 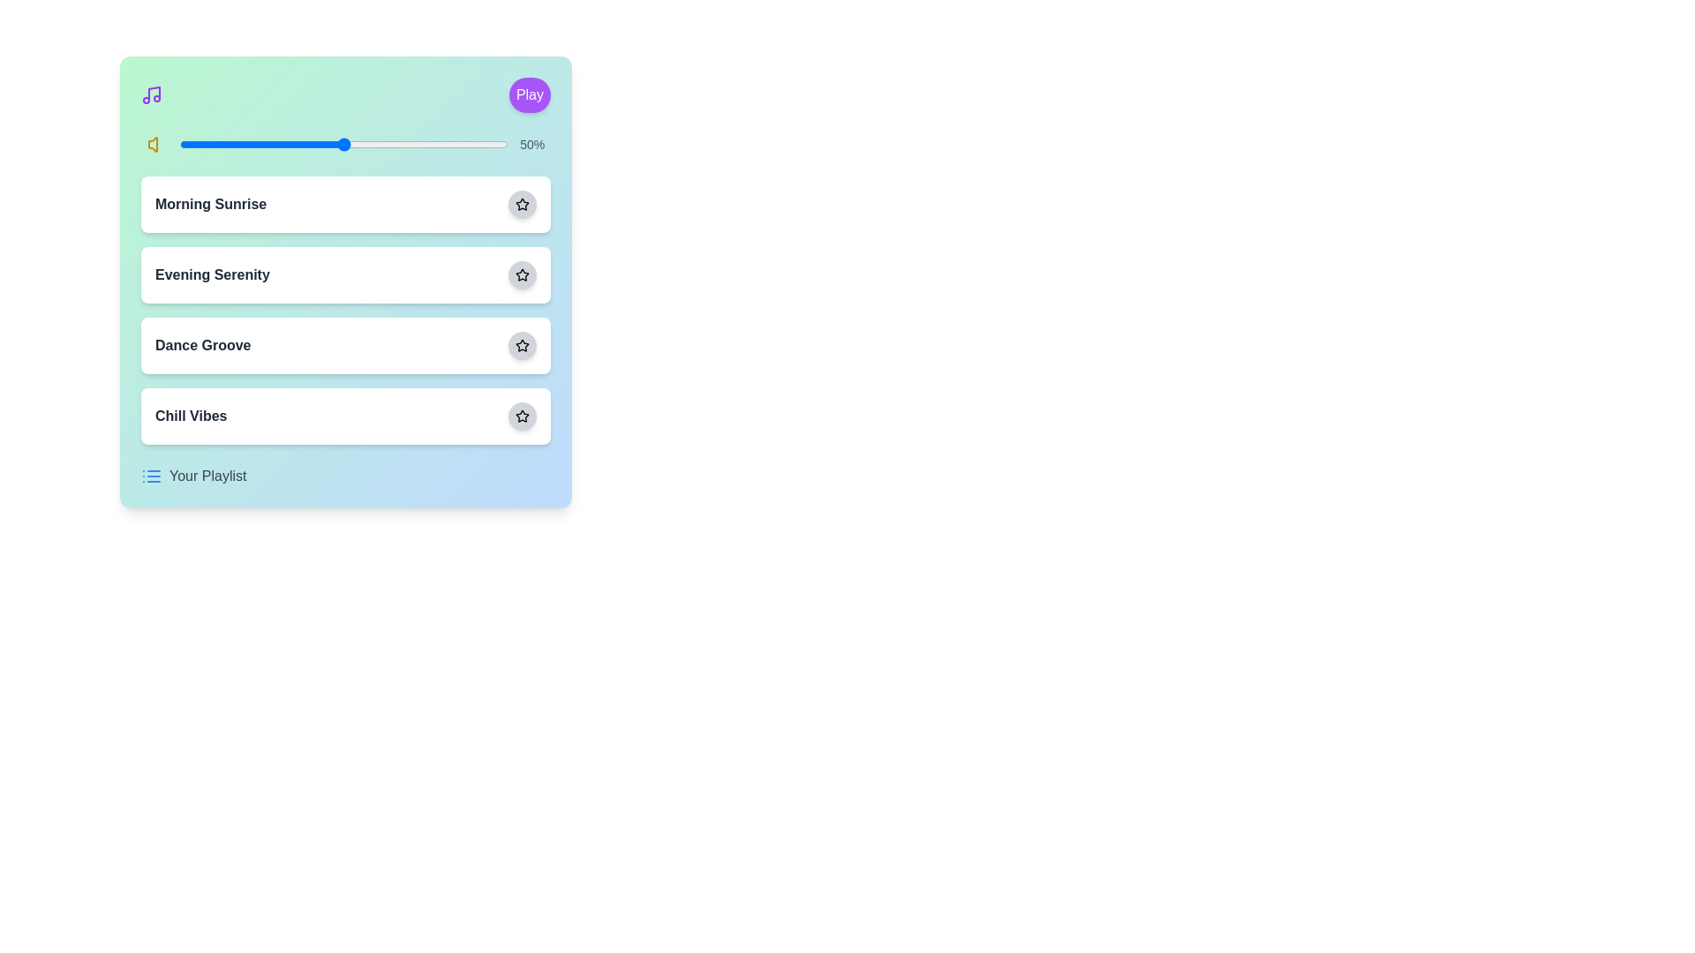 I want to click on the 'Evening Serenity' Content Card, so click(x=346, y=281).